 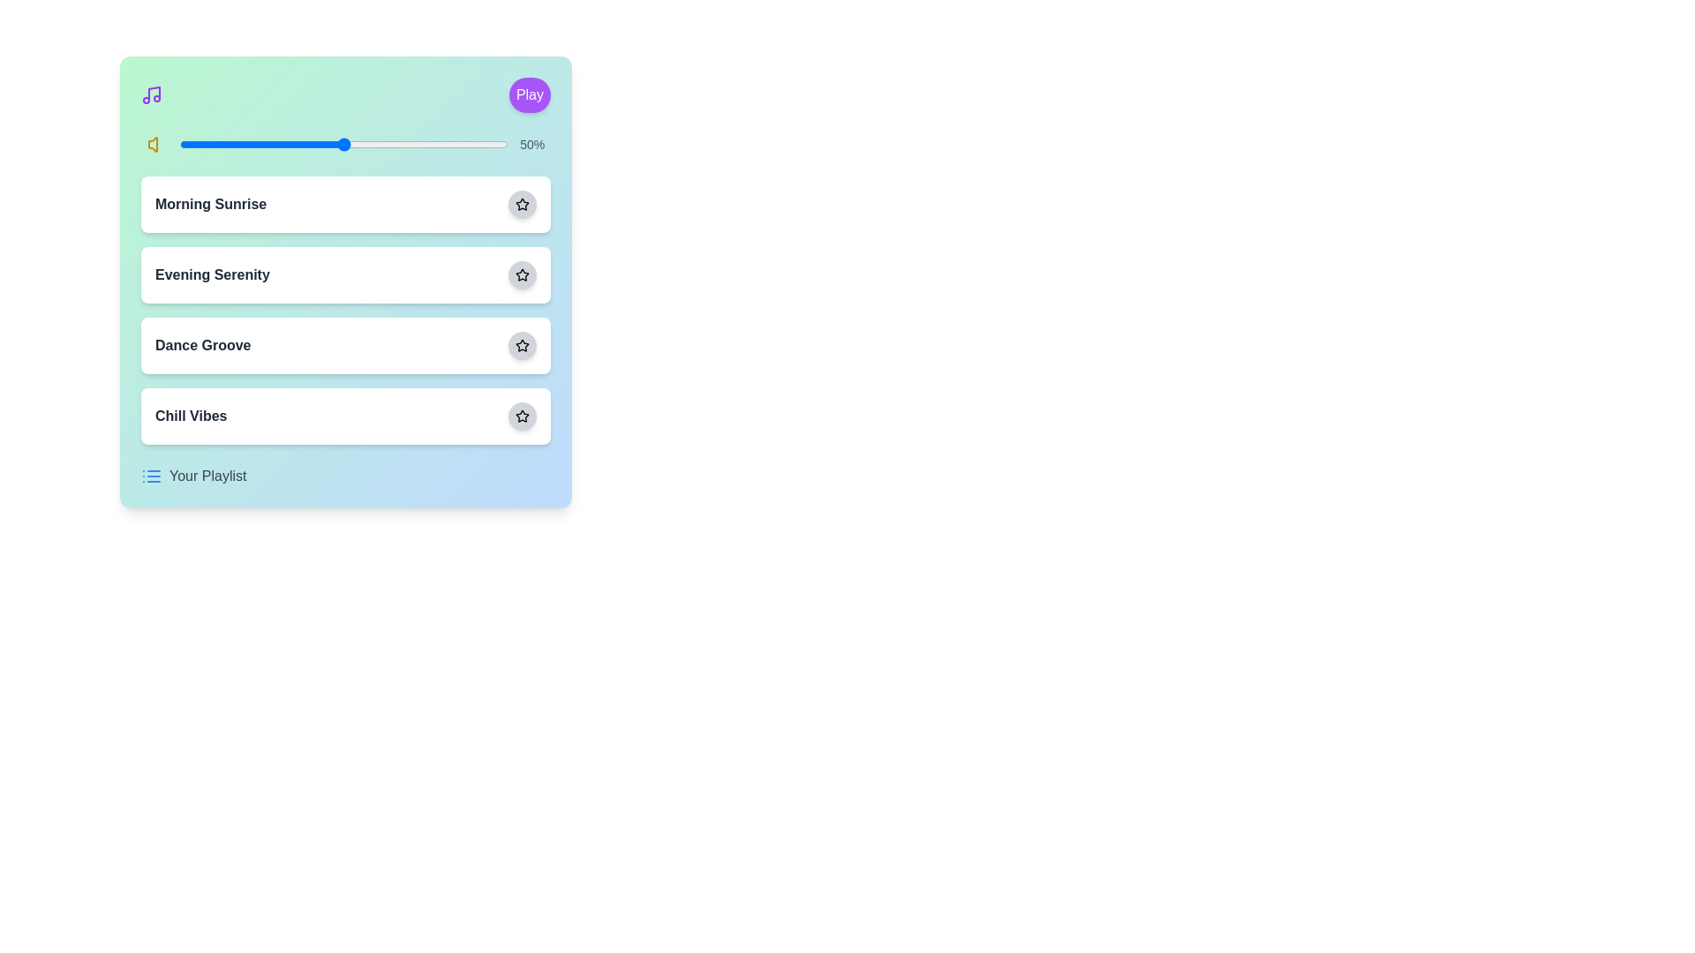 I want to click on the 'Evening Serenity' Content Card, so click(x=346, y=281).